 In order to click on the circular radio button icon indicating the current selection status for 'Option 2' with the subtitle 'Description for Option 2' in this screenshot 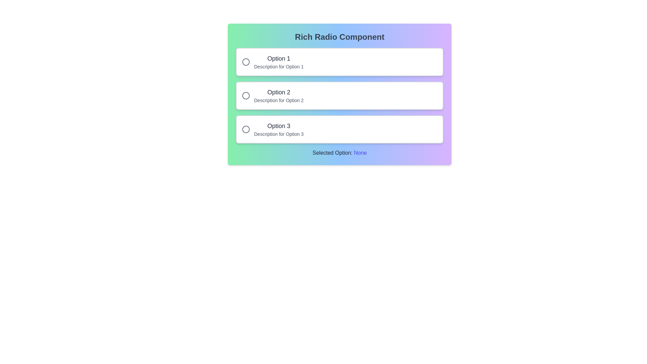, I will do `click(245, 96)`.